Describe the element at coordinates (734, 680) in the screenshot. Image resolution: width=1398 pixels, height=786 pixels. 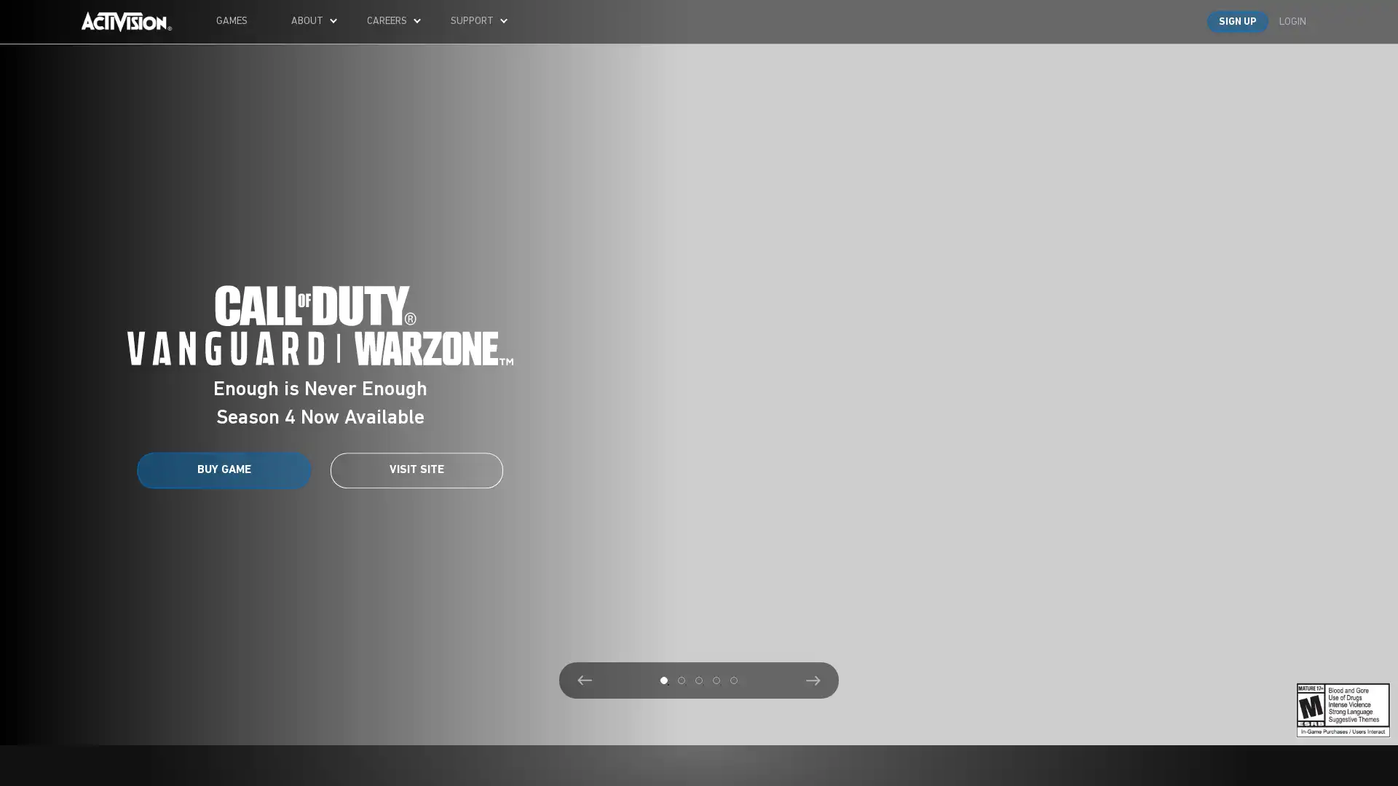
I see `5` at that location.